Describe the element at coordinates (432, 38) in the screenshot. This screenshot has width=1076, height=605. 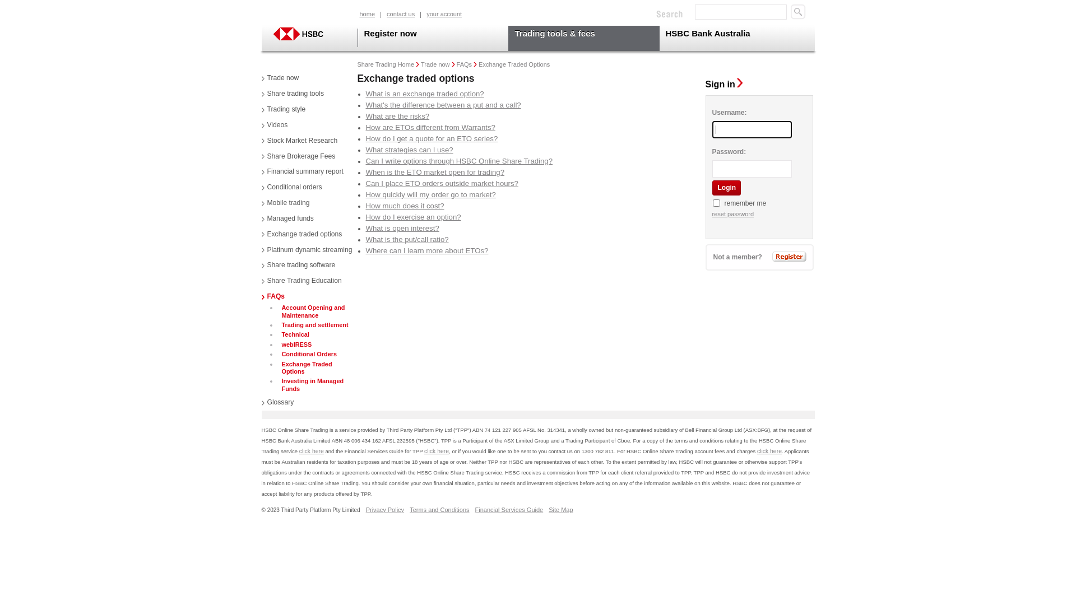
I see `'Register now'` at that location.